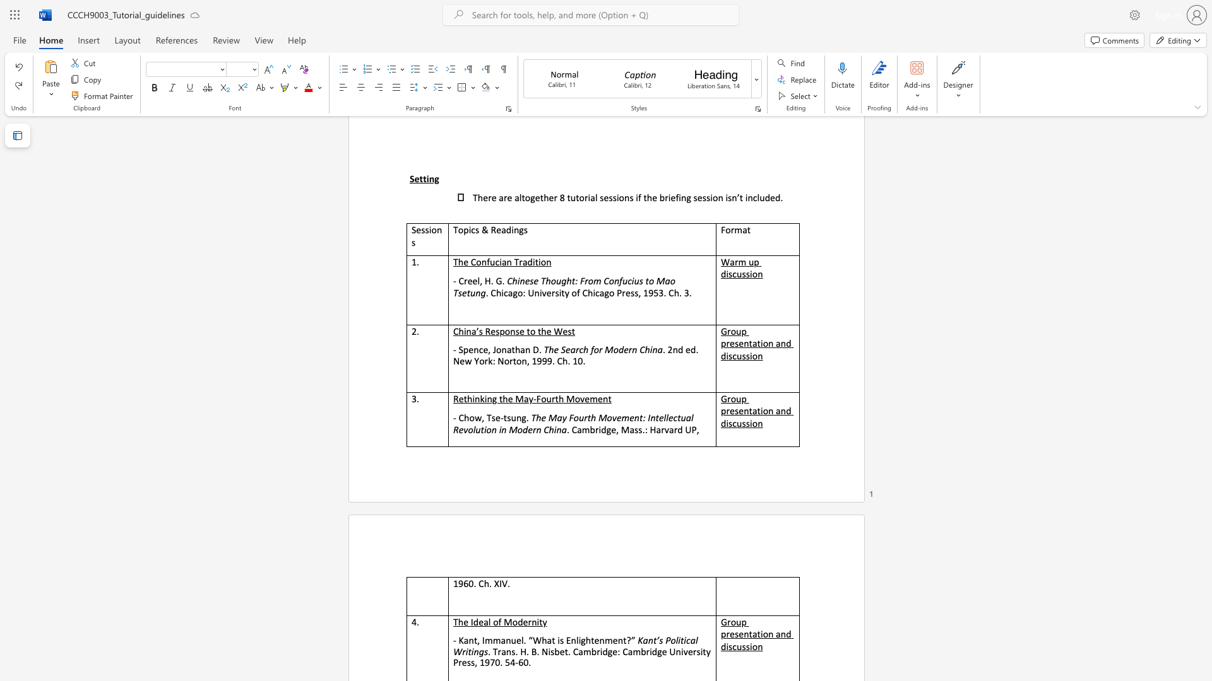 The width and height of the screenshot is (1212, 681). Describe the element at coordinates (578, 640) in the screenshot. I see `the subset text "ight" within the text "- Kant, Immanuel. “What is Enlightenment?”"` at that location.